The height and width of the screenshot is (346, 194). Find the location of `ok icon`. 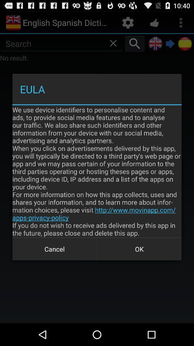

ok icon is located at coordinates (139, 249).